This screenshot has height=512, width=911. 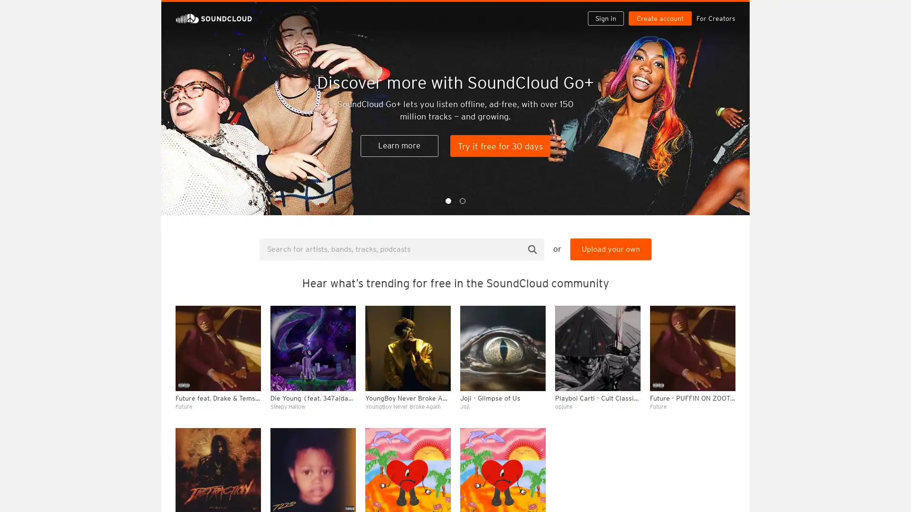 What do you see at coordinates (729, 259) in the screenshot?
I see `Hide queue` at bounding box center [729, 259].